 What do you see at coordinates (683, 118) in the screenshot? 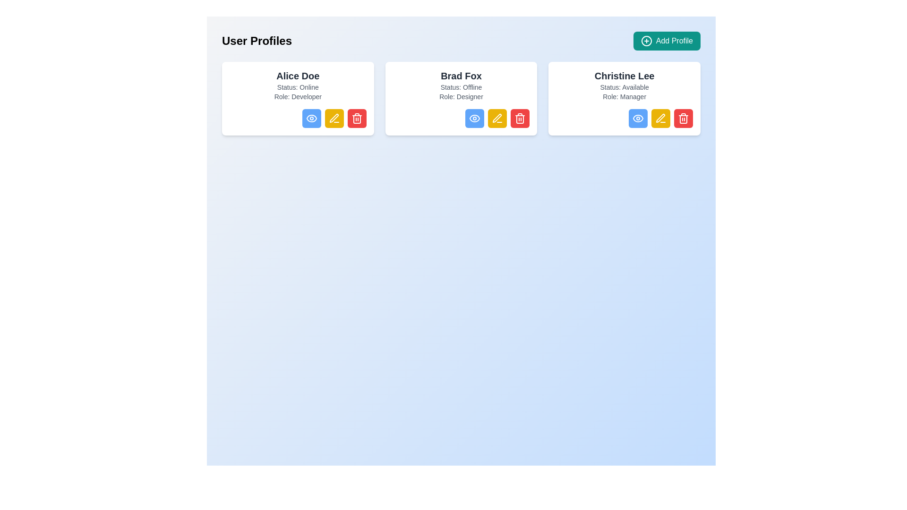
I see `the delete button located at the bottom-right corner of the card for 'Christine Lee'` at bounding box center [683, 118].